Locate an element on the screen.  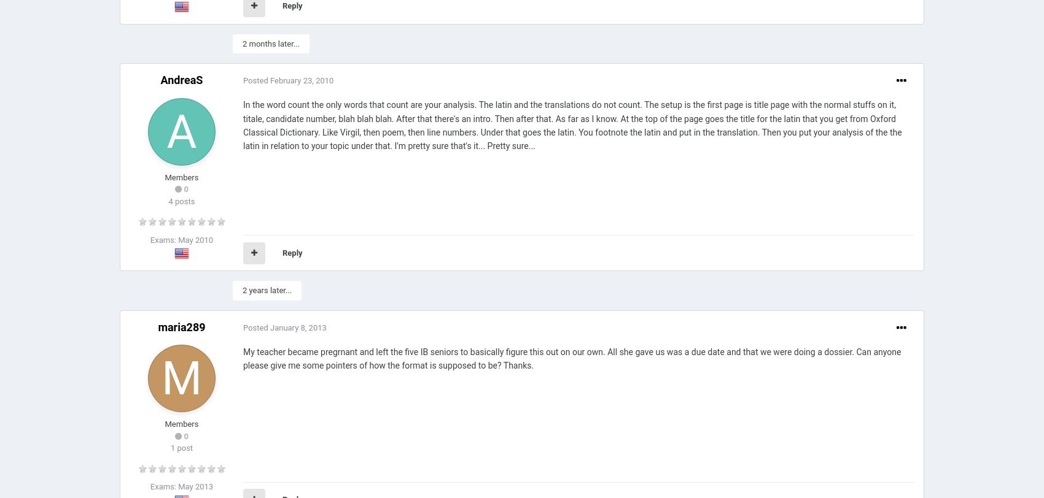
'My teacher became pregrnant and left the five IB seniors to basically figure this out on our own. All she gave us was a due date and that we were doing a dossier. Can anyone please give me some pointers of how the format is supposed to be? Thanks.' is located at coordinates (572, 358).